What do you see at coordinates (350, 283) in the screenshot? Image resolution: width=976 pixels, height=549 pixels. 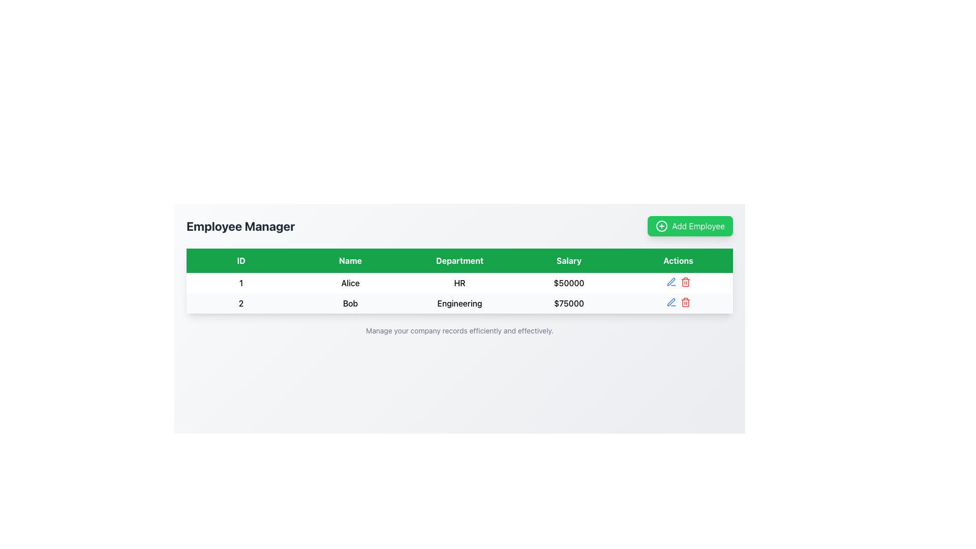 I see `the Text label displaying the name of the employee in the 'Name' column of the table, positioned between the ID '1' and the department 'HR'` at bounding box center [350, 283].